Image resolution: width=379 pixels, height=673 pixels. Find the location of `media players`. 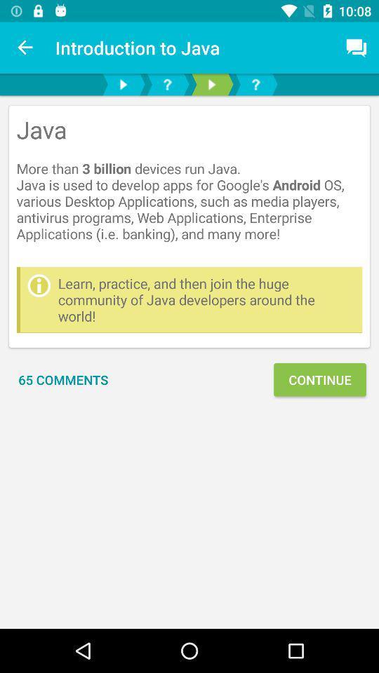

media players is located at coordinates (211, 84).